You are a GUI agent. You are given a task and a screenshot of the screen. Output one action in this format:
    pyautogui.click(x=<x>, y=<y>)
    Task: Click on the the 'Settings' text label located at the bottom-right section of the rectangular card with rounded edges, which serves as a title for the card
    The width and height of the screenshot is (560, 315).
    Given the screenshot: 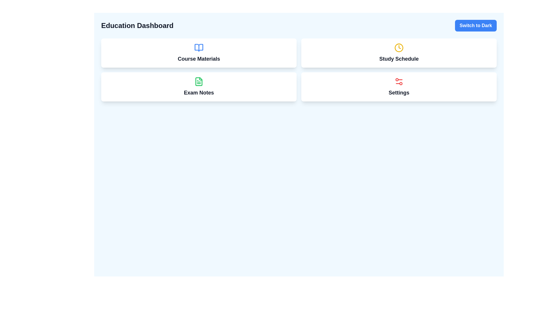 What is the action you would take?
    pyautogui.click(x=399, y=92)
    